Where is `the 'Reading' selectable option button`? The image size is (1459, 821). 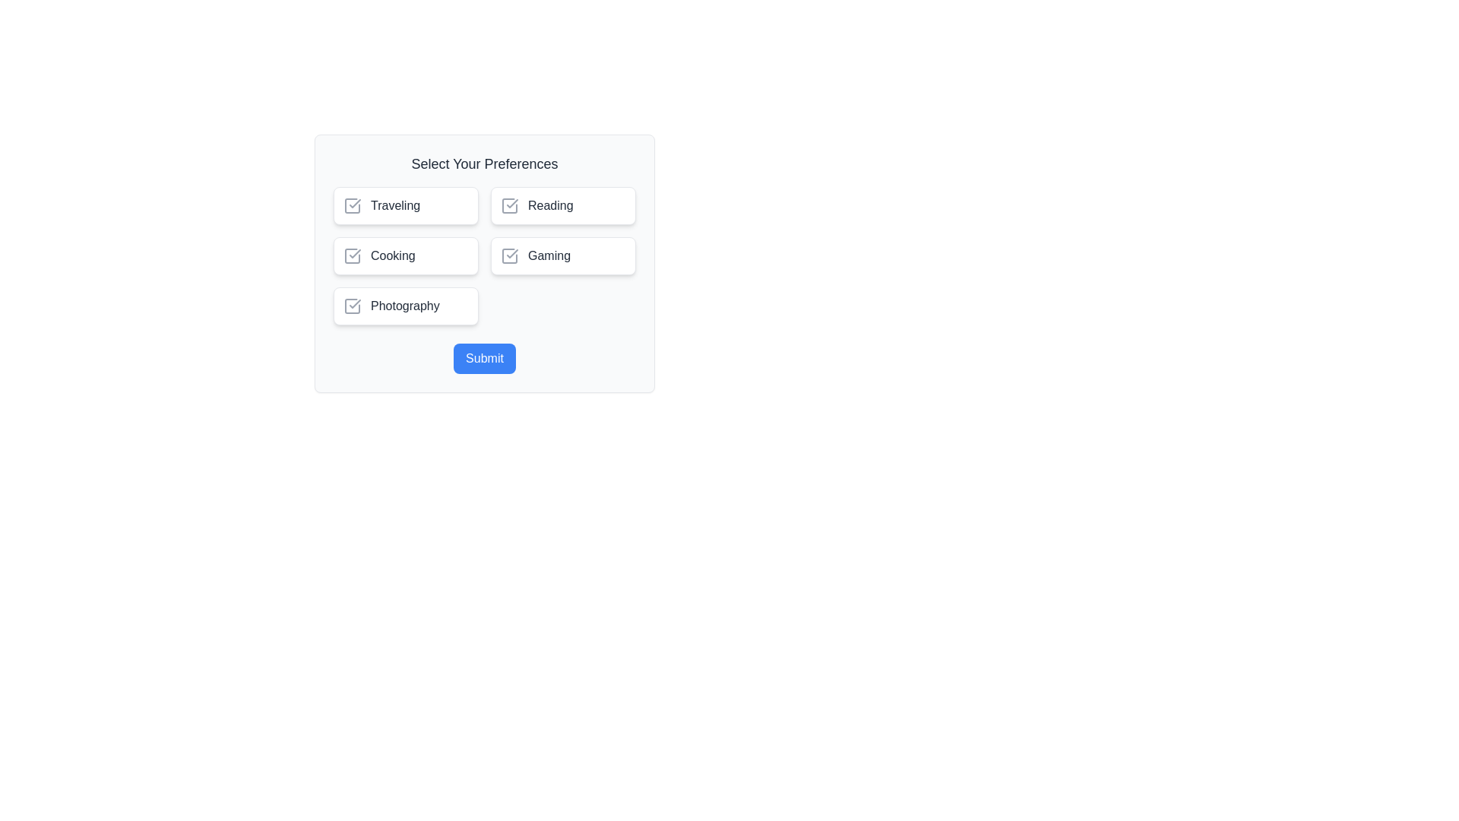 the 'Reading' selectable option button is located at coordinates (562, 205).